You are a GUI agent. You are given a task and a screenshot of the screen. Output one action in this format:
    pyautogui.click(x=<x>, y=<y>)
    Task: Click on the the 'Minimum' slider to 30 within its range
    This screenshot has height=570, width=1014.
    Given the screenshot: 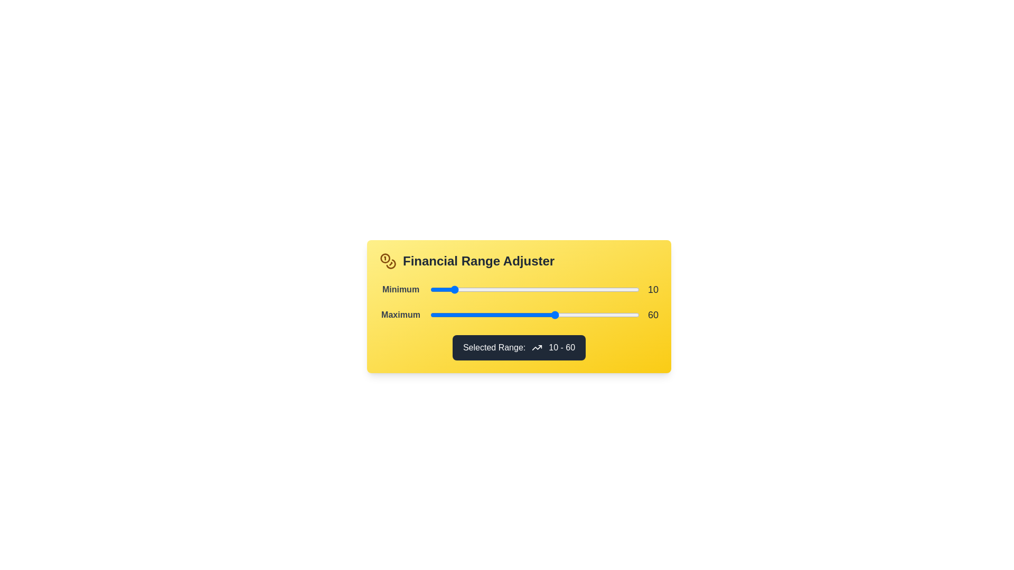 What is the action you would take?
    pyautogui.click(x=492, y=289)
    